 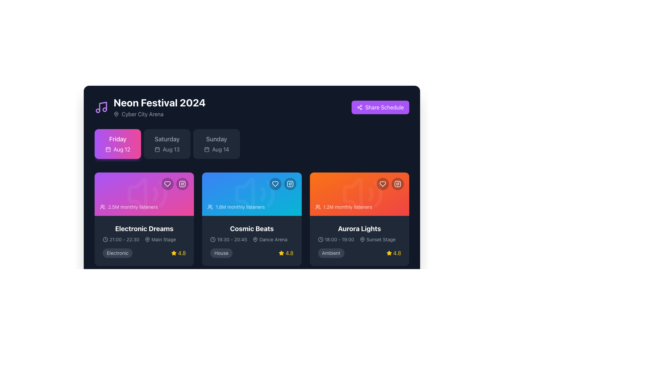 What do you see at coordinates (159, 103) in the screenshot?
I see `main header text element located at the top-left area of the interface, positioned above the subtitle 'Cyber City Arena' and next to a musical note icon` at bounding box center [159, 103].